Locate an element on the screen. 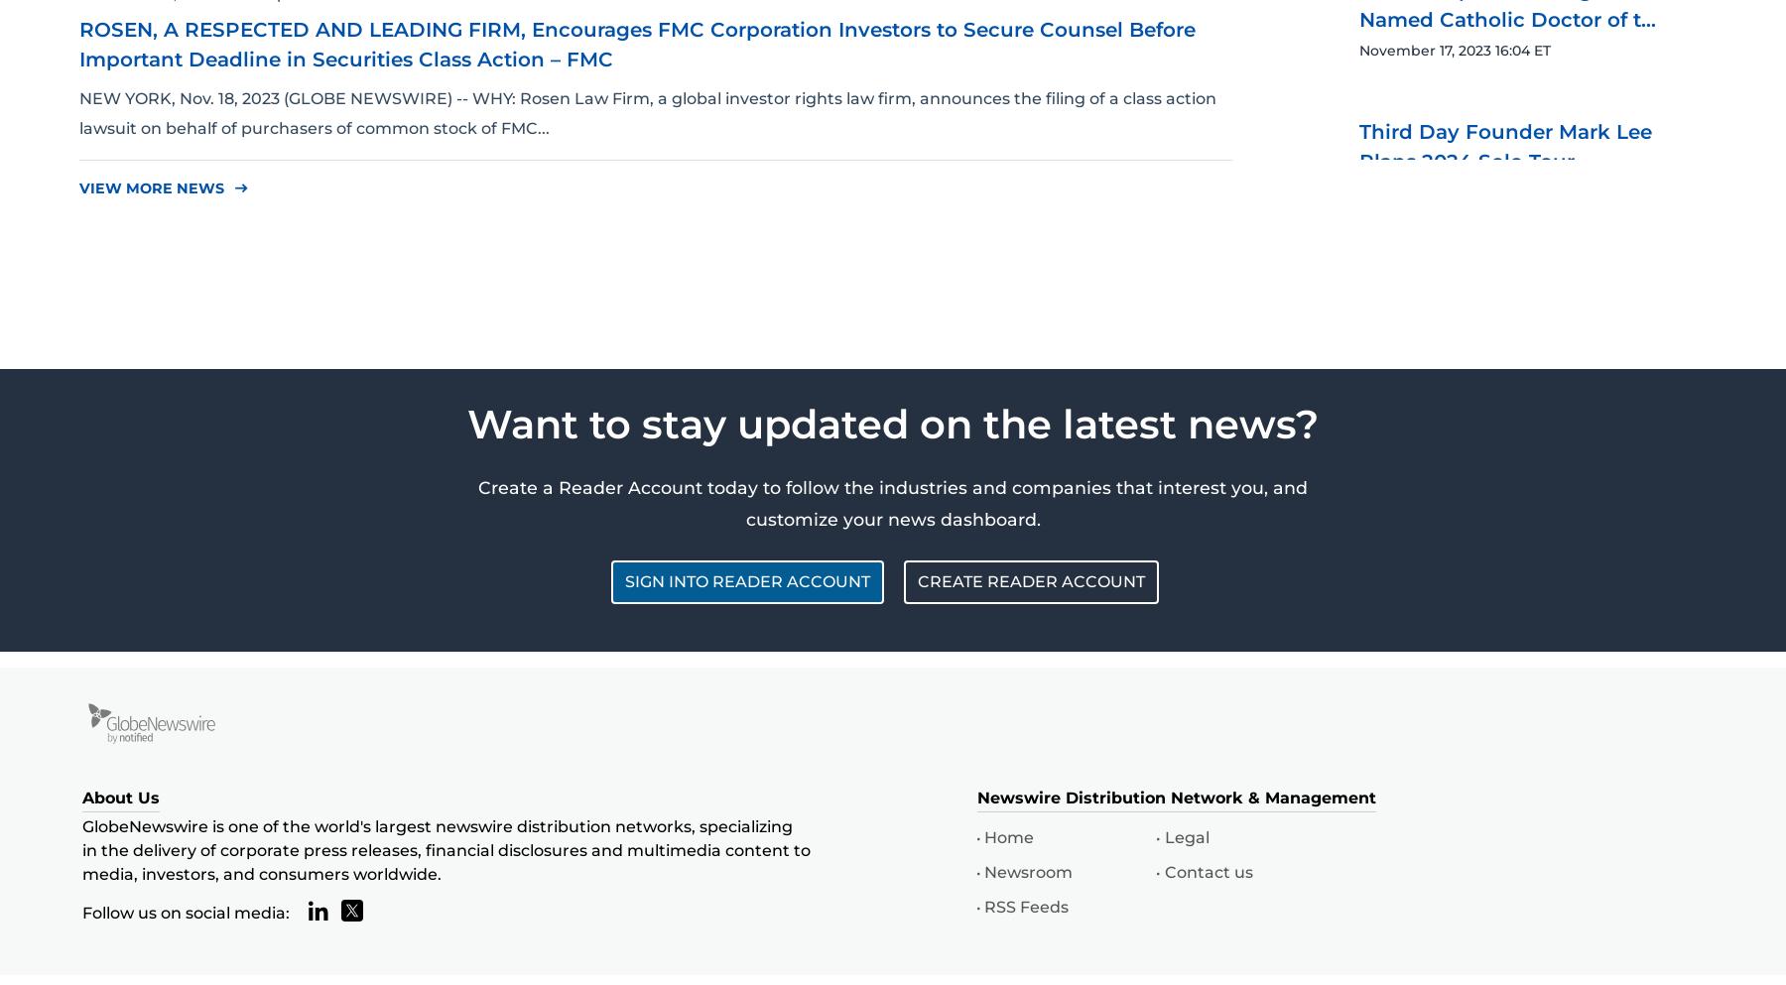 This screenshot has height=985, width=1786. 'Legal' is located at coordinates (1185, 836).